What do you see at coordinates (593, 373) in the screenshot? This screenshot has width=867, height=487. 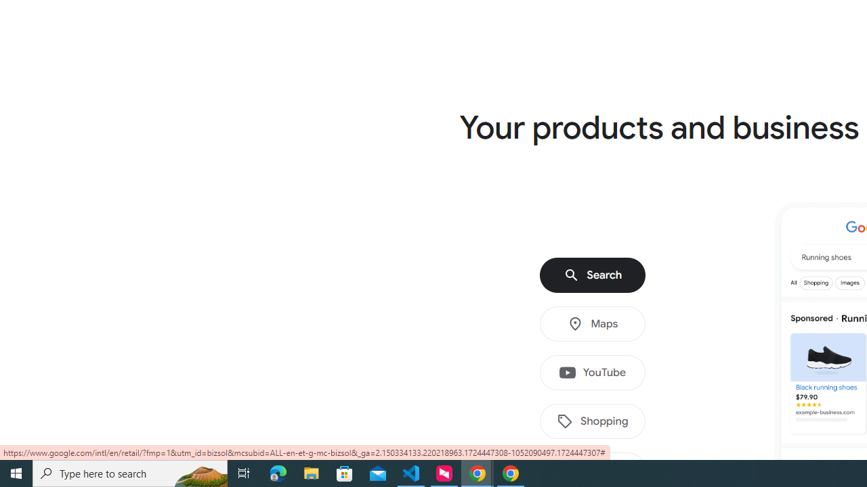 I see `'YouTube'` at bounding box center [593, 373].